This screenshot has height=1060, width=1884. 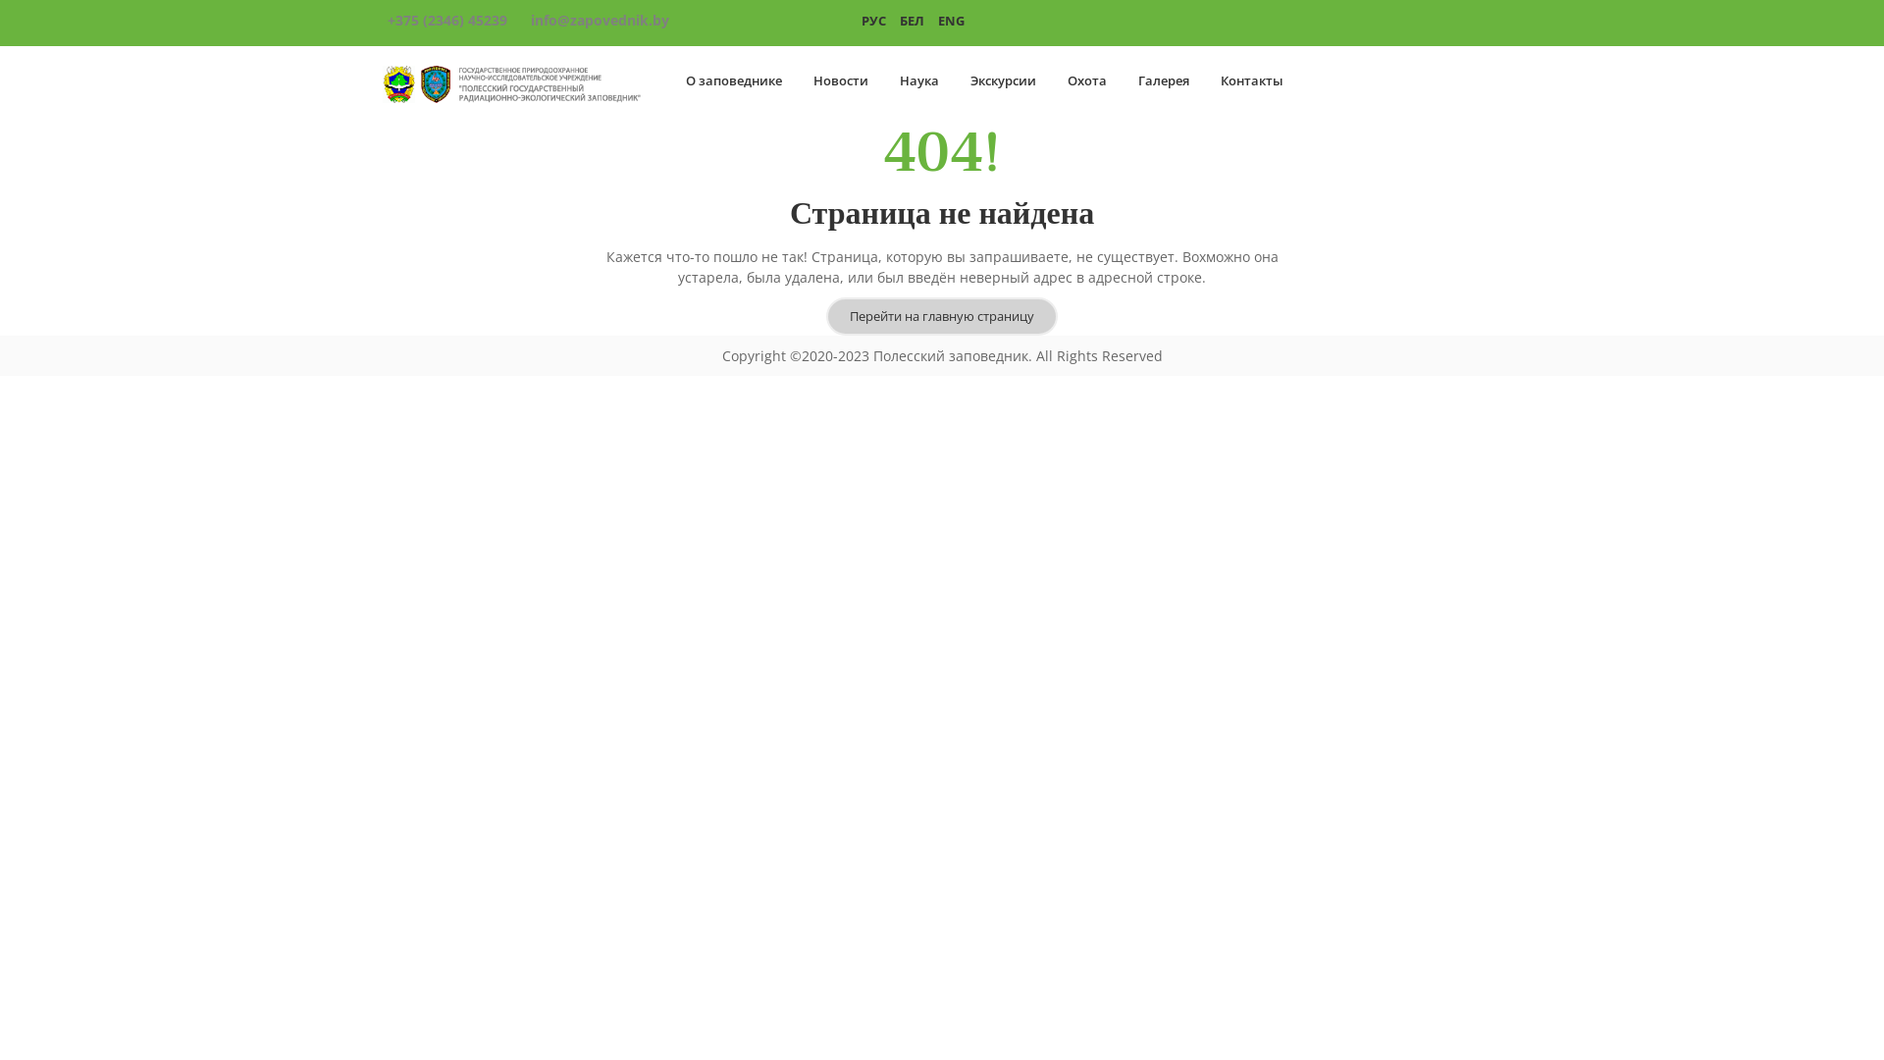 What do you see at coordinates (951, 20) in the screenshot?
I see `'ENG'` at bounding box center [951, 20].